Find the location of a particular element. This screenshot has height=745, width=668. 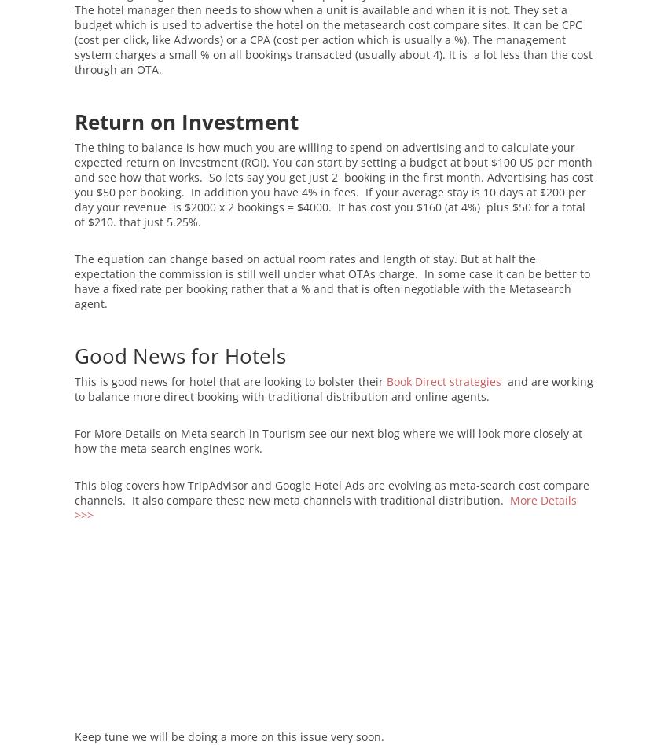

'The equation can change based on actual room rates and length of stay. But at half the expectation the commission is still well under what OTAs charge.  In some case it can be better to have a fixed rate per booking rather that a % and that is often negotiable with the Metasearch agent.' is located at coordinates (332, 280).